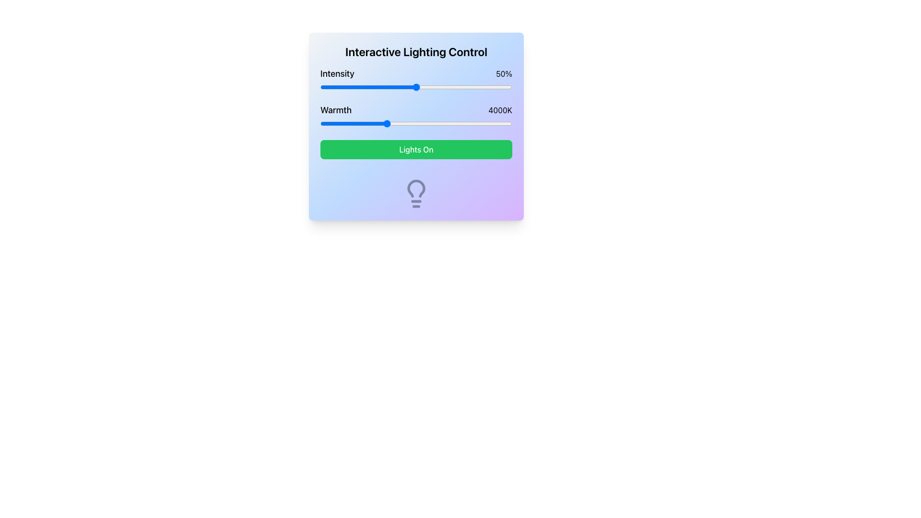 The width and height of the screenshot is (921, 518). What do you see at coordinates (384, 123) in the screenshot?
I see `warmth` at bounding box center [384, 123].